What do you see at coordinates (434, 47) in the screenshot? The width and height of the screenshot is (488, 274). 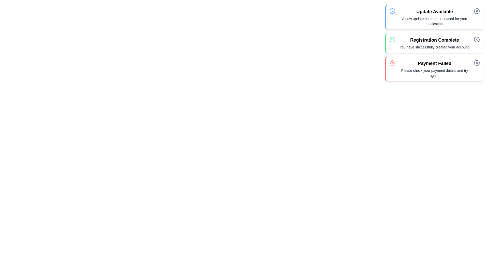 I see `the text label that reads 'You have successfully created your account.' which is positioned below the 'Registration Complete' title within a notification card` at bounding box center [434, 47].